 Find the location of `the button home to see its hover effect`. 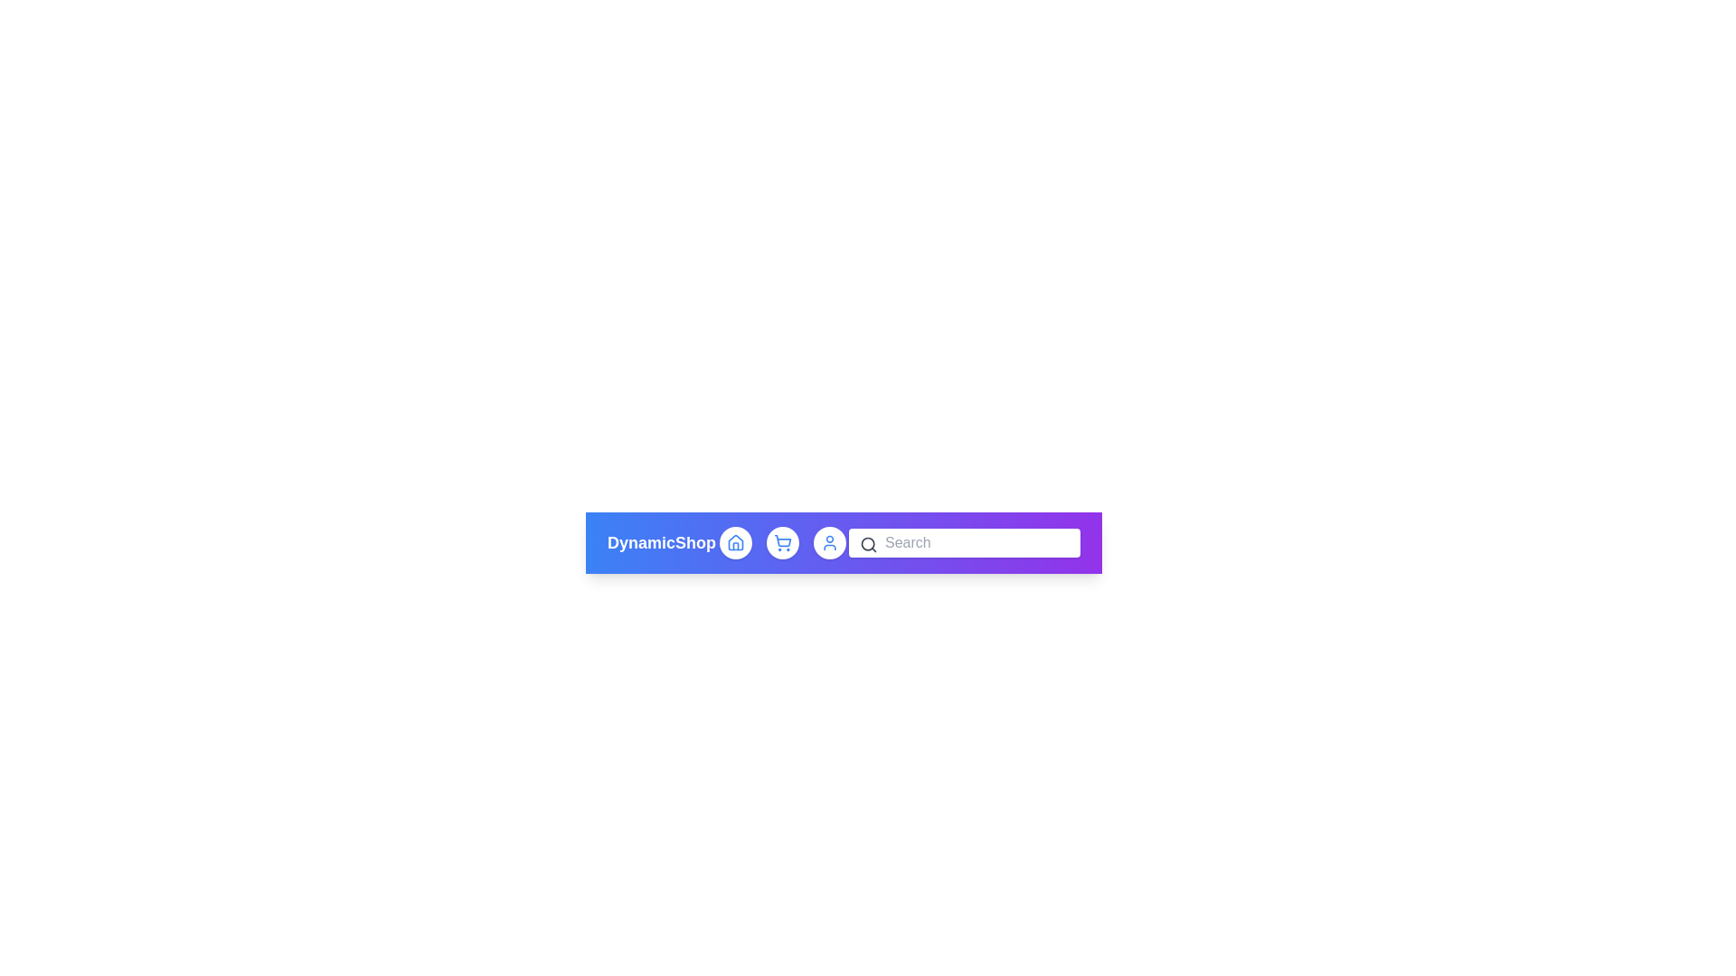

the button home to see its hover effect is located at coordinates (735, 542).